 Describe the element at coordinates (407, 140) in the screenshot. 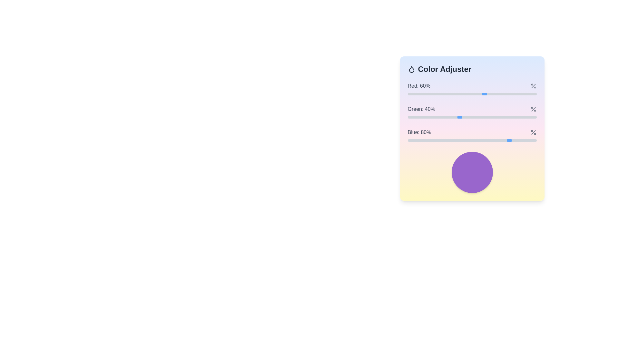

I see `the blue color slider to 0%` at that location.